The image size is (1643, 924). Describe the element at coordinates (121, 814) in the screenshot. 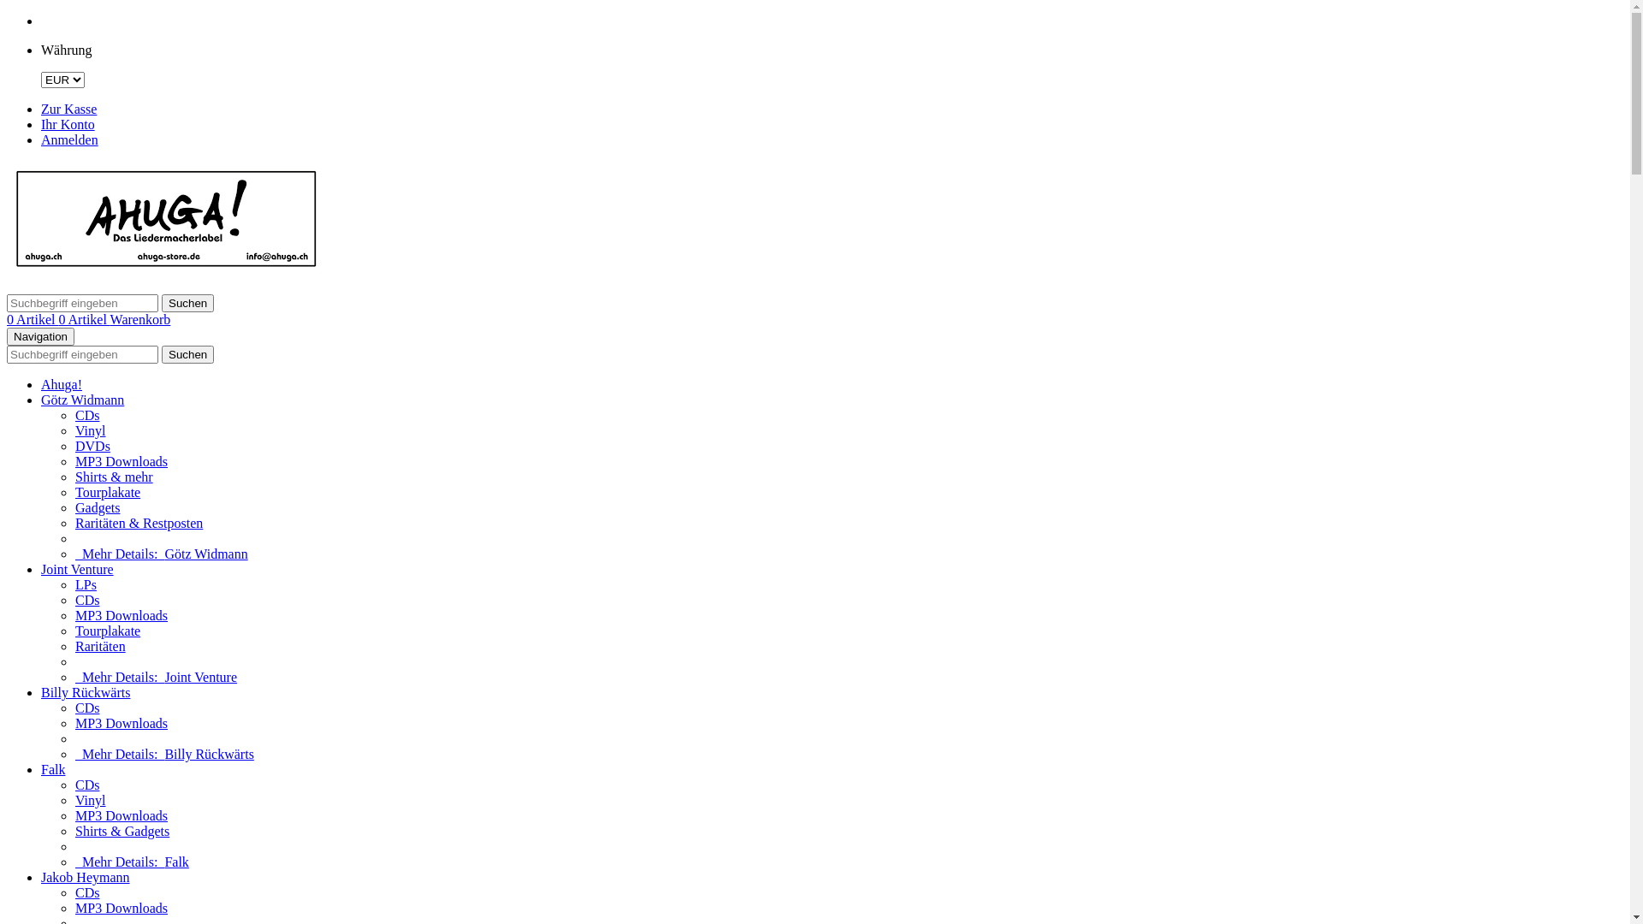

I see `'MP3 Downloads'` at that location.